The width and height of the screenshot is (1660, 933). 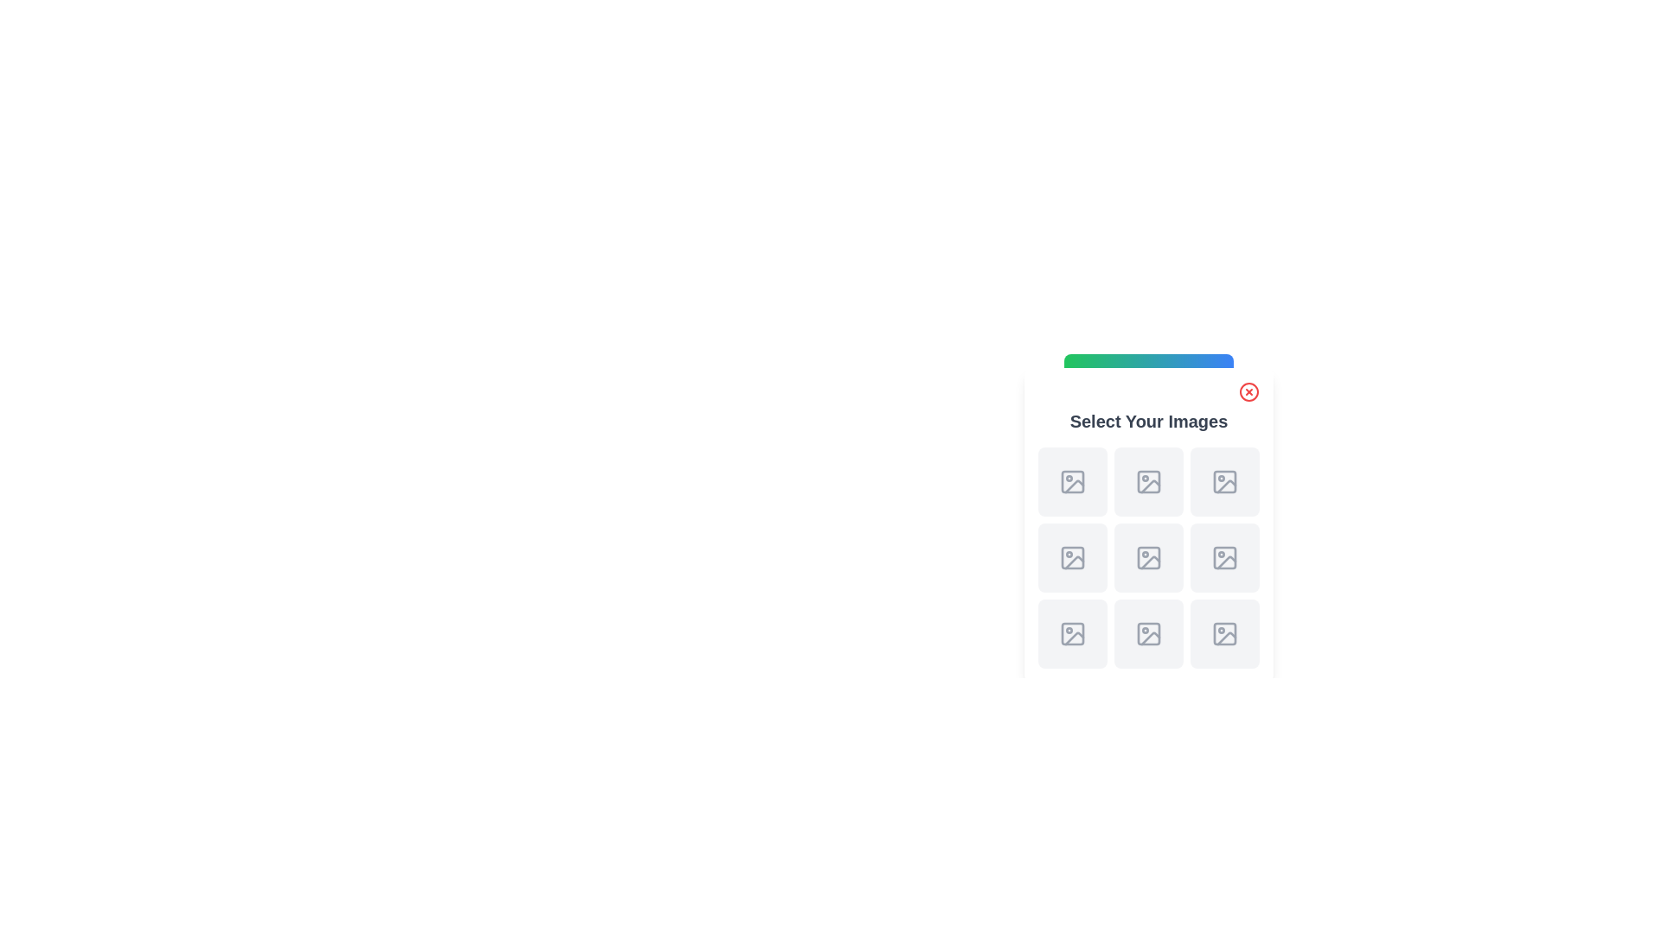 I want to click on the Icon Placeholder element, which is an image/photo icon with a gray outline and rounded corners located in the second row, second column of a 3x3 grid layout, so click(x=1072, y=557).